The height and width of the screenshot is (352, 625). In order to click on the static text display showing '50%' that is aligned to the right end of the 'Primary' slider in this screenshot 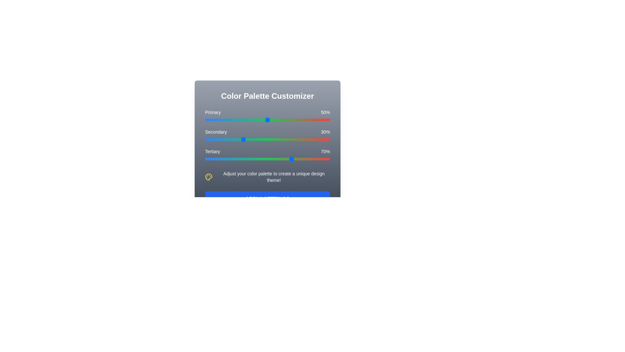, I will do `click(325, 112)`.